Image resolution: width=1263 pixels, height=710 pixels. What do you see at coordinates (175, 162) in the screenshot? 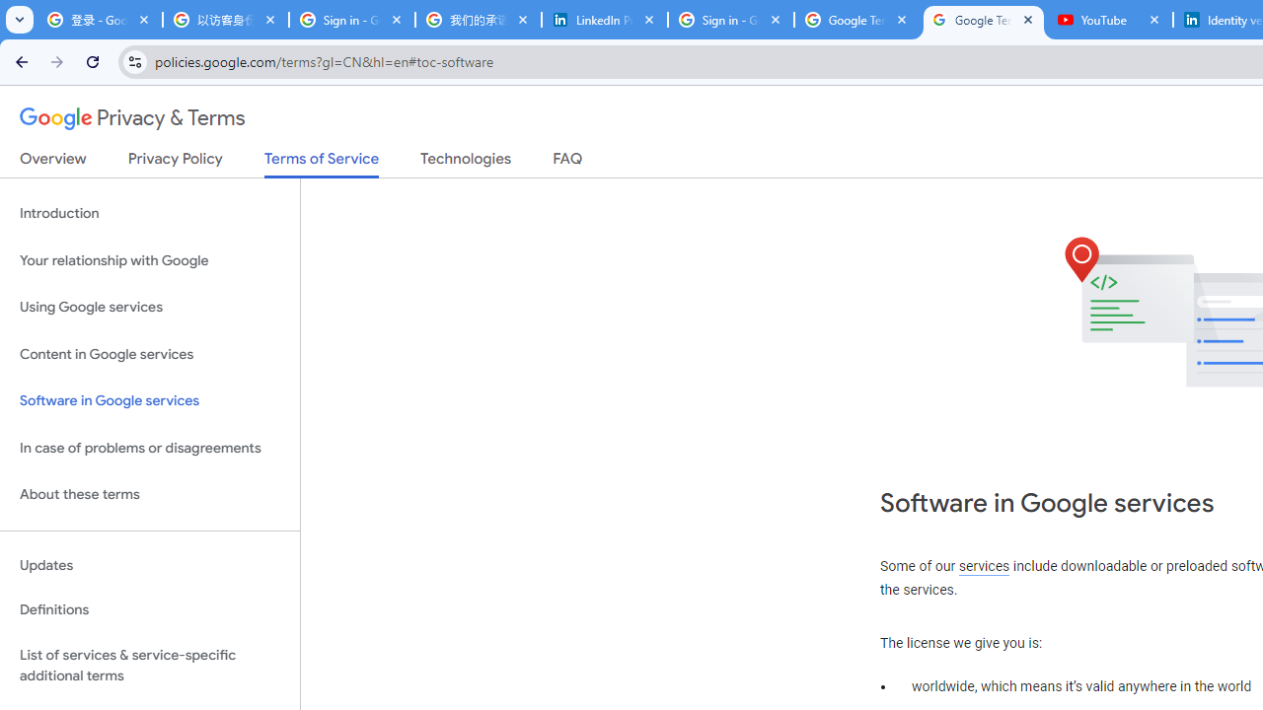
I see `'Privacy Policy'` at bounding box center [175, 162].